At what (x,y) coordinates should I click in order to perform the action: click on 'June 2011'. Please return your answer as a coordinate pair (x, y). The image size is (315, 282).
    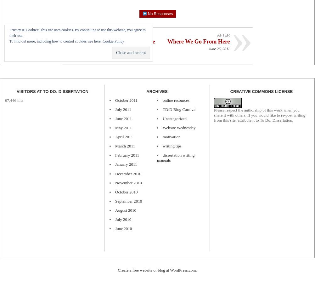
    Looking at the image, I should click on (123, 118).